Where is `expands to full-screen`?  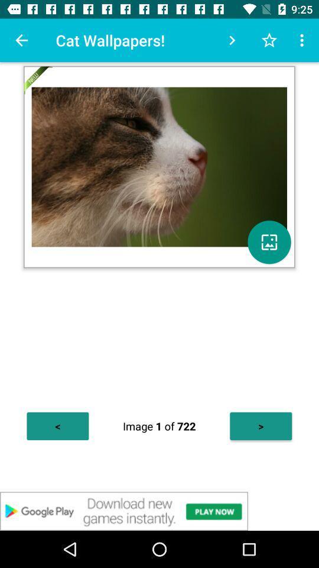
expands to full-screen is located at coordinates (269, 241).